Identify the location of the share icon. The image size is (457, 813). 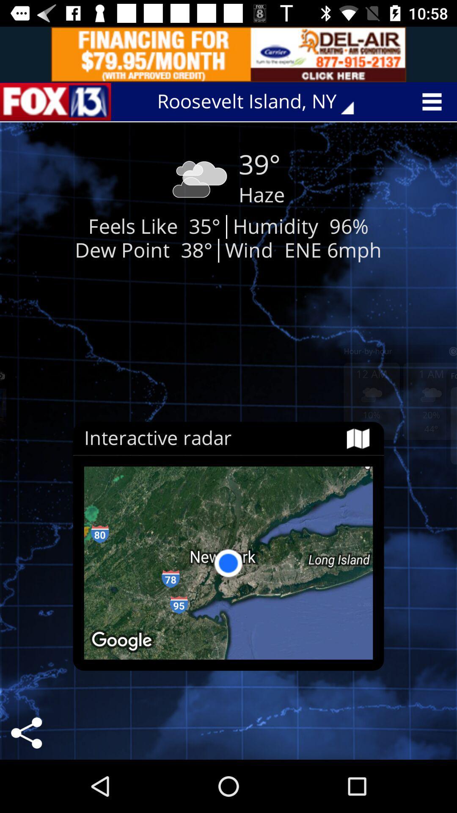
(26, 733).